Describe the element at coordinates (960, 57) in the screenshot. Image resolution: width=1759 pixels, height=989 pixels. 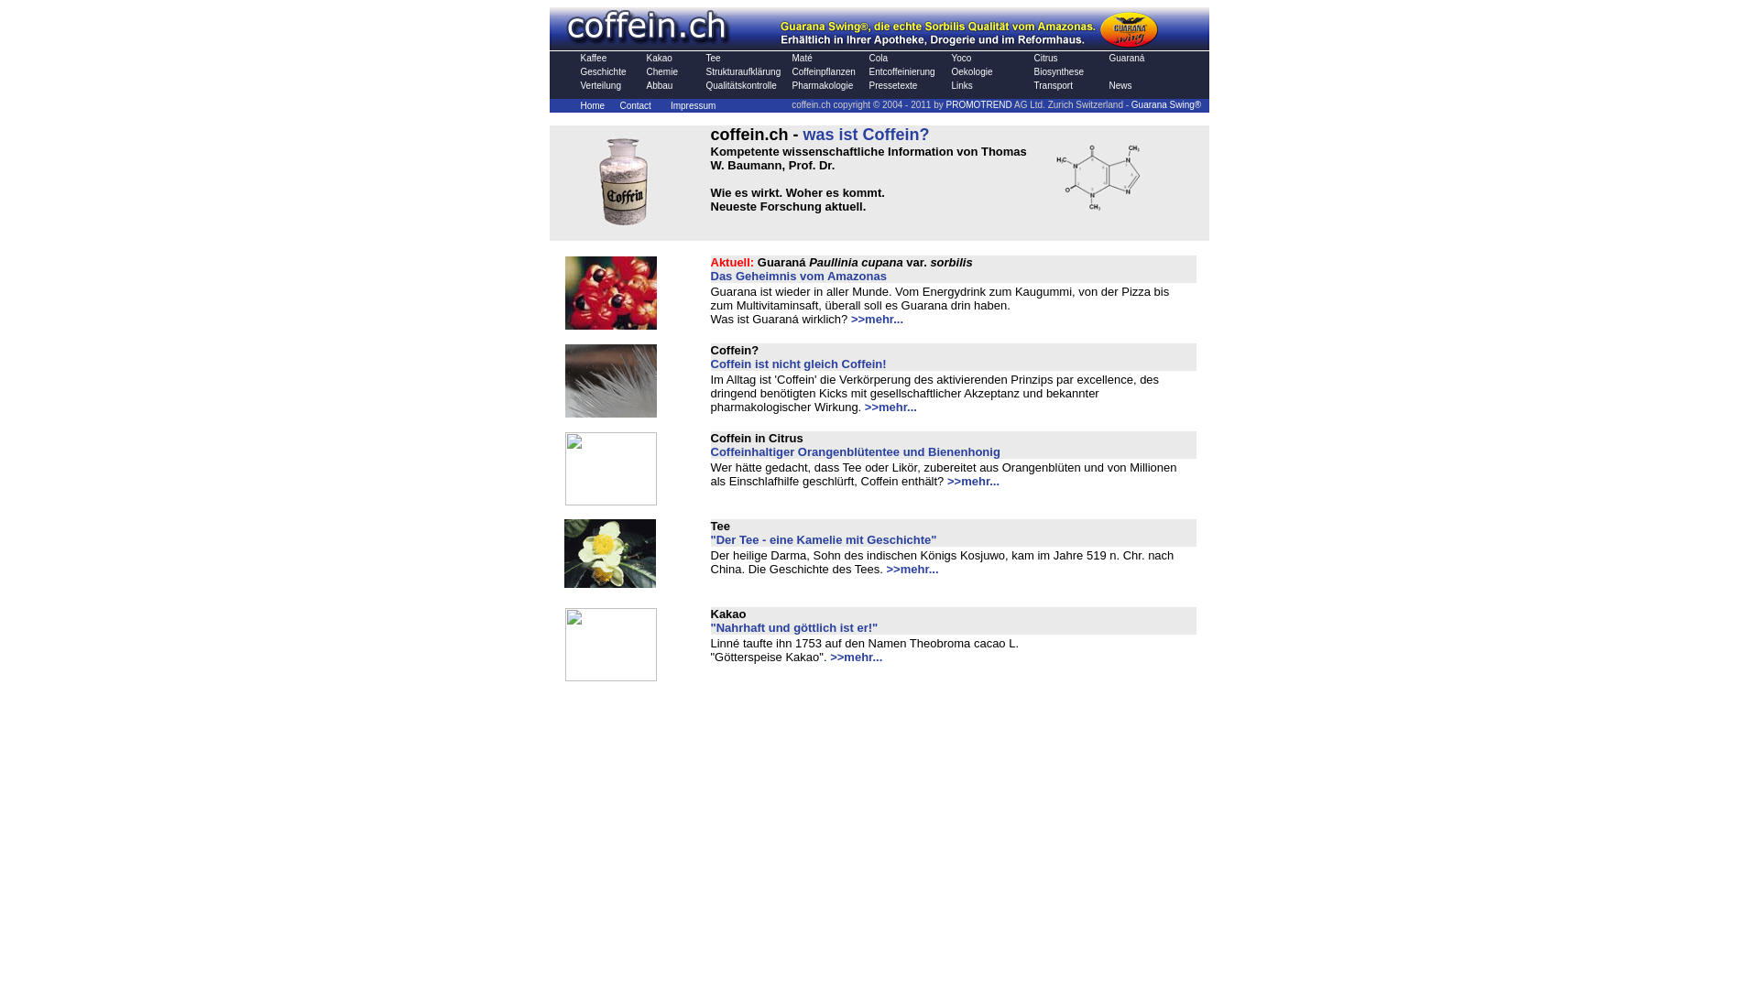
I see `'Yoco'` at that location.